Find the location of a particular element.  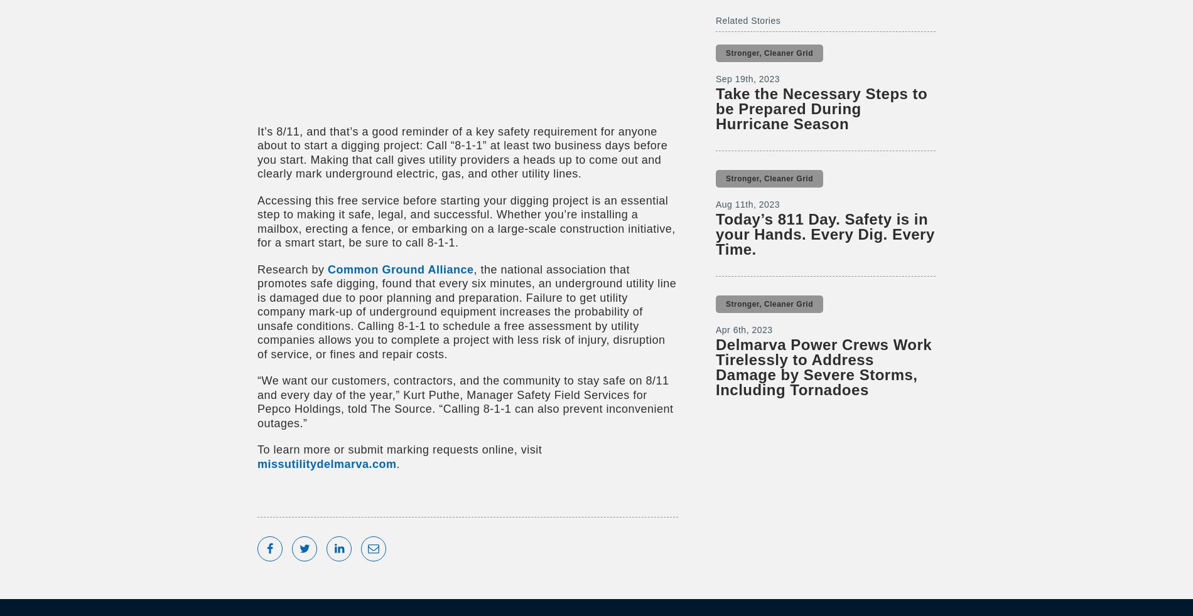

'“We want our customers, contractors, and the community to stay safe on 8/11 and every day of the year,” Kurt Puthe, Manager Safety Field Services for Pepco Holdings, told The Source. “Calling 8-1-1 can also prevent inconvenient outages.”' is located at coordinates (465, 401).